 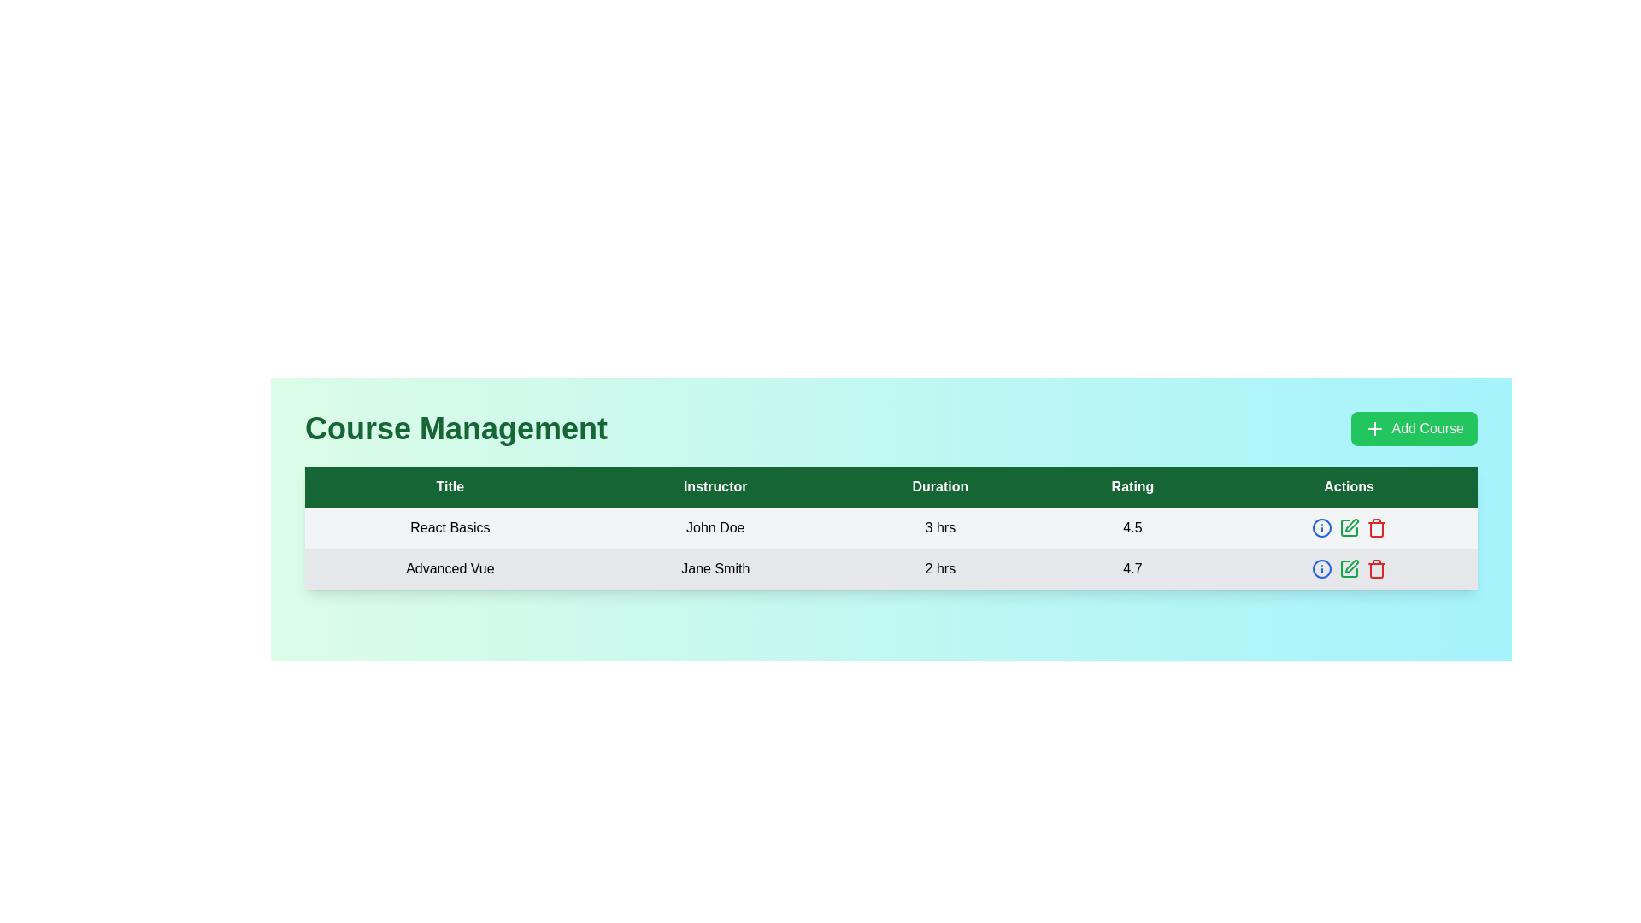 I want to click on the 'React Basics' text label which is displayed in bold black font on a light gray background, located in the first row of the table under the 'Title' column, so click(x=450, y=526).